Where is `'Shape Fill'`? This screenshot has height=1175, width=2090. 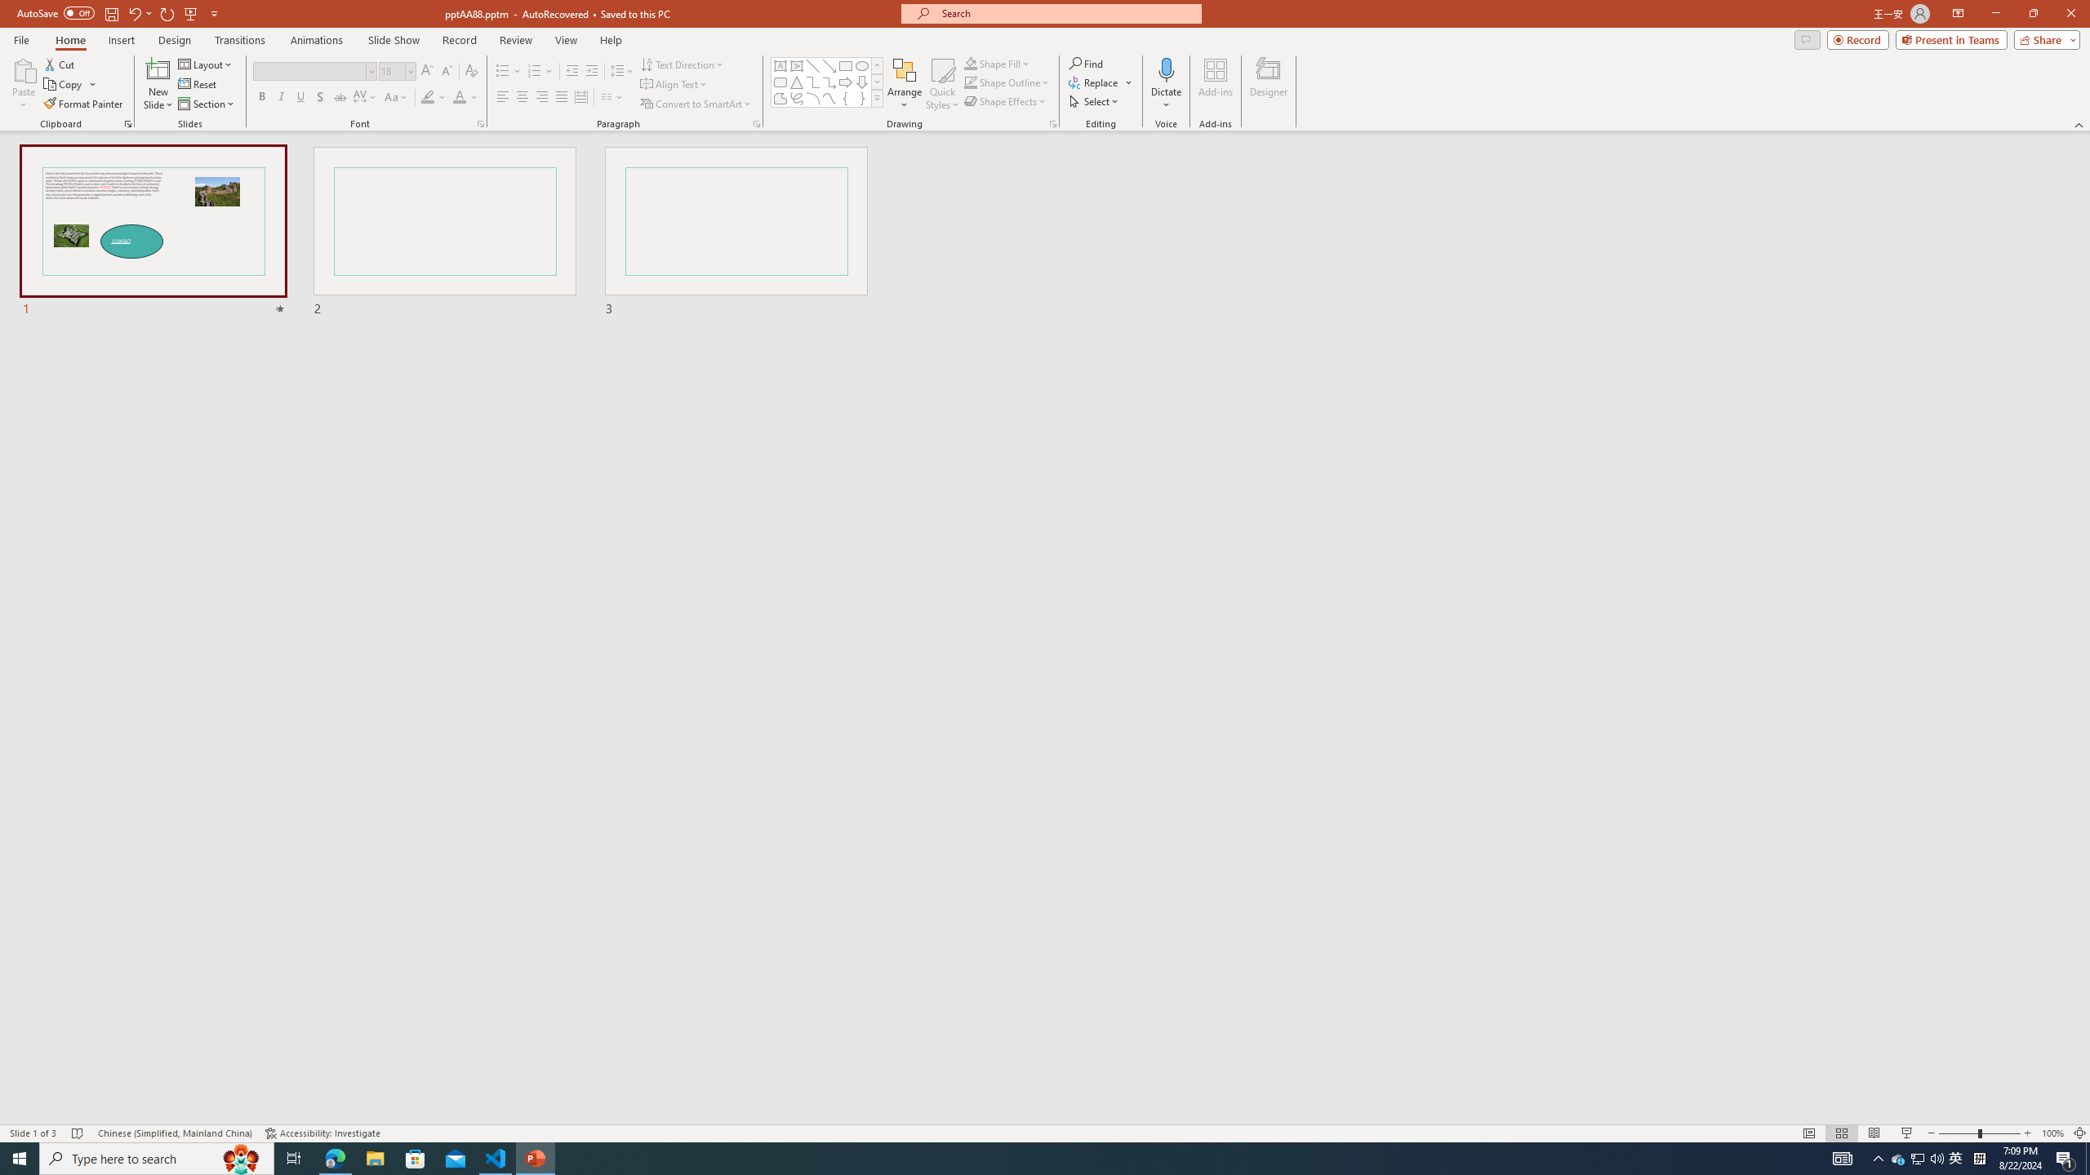 'Shape Fill' is located at coordinates (998, 63).